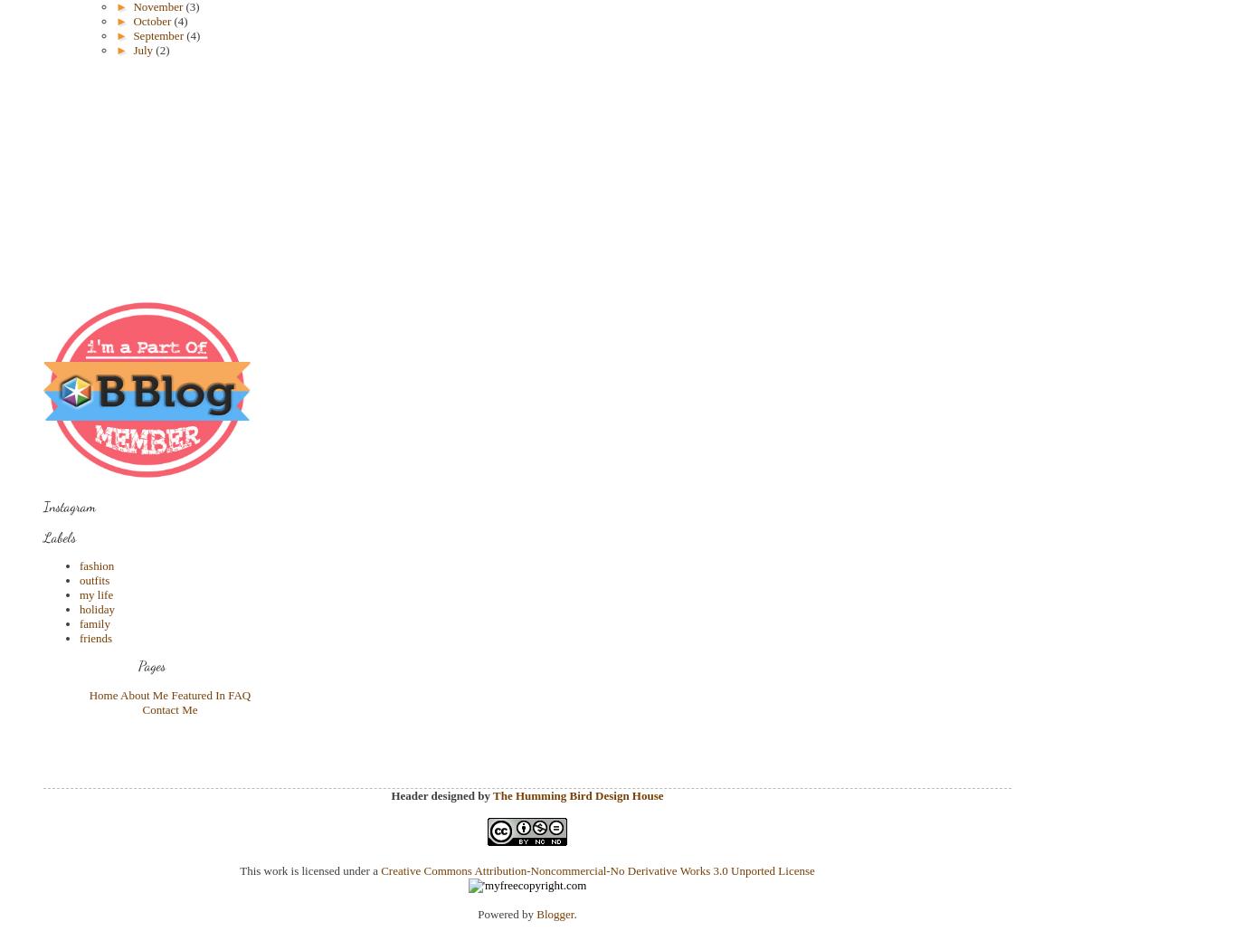 The image size is (1243, 931). What do you see at coordinates (58, 537) in the screenshot?
I see `'Labels'` at bounding box center [58, 537].